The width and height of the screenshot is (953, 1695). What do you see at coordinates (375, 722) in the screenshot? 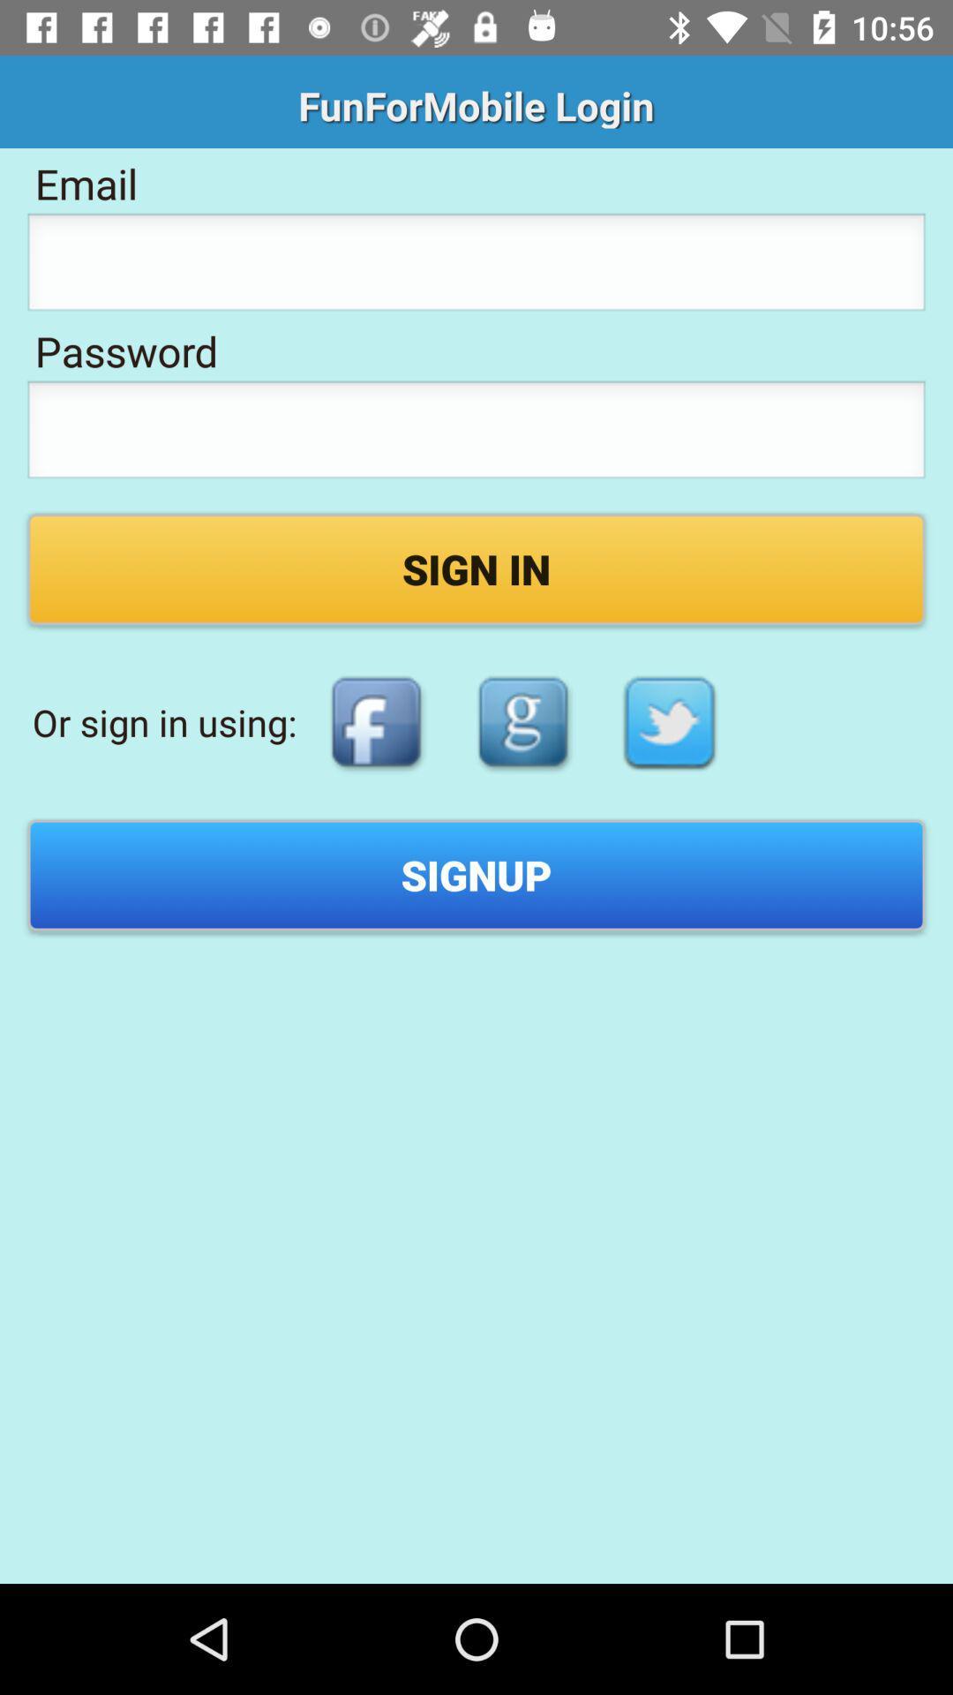
I see `go facebook` at bounding box center [375, 722].